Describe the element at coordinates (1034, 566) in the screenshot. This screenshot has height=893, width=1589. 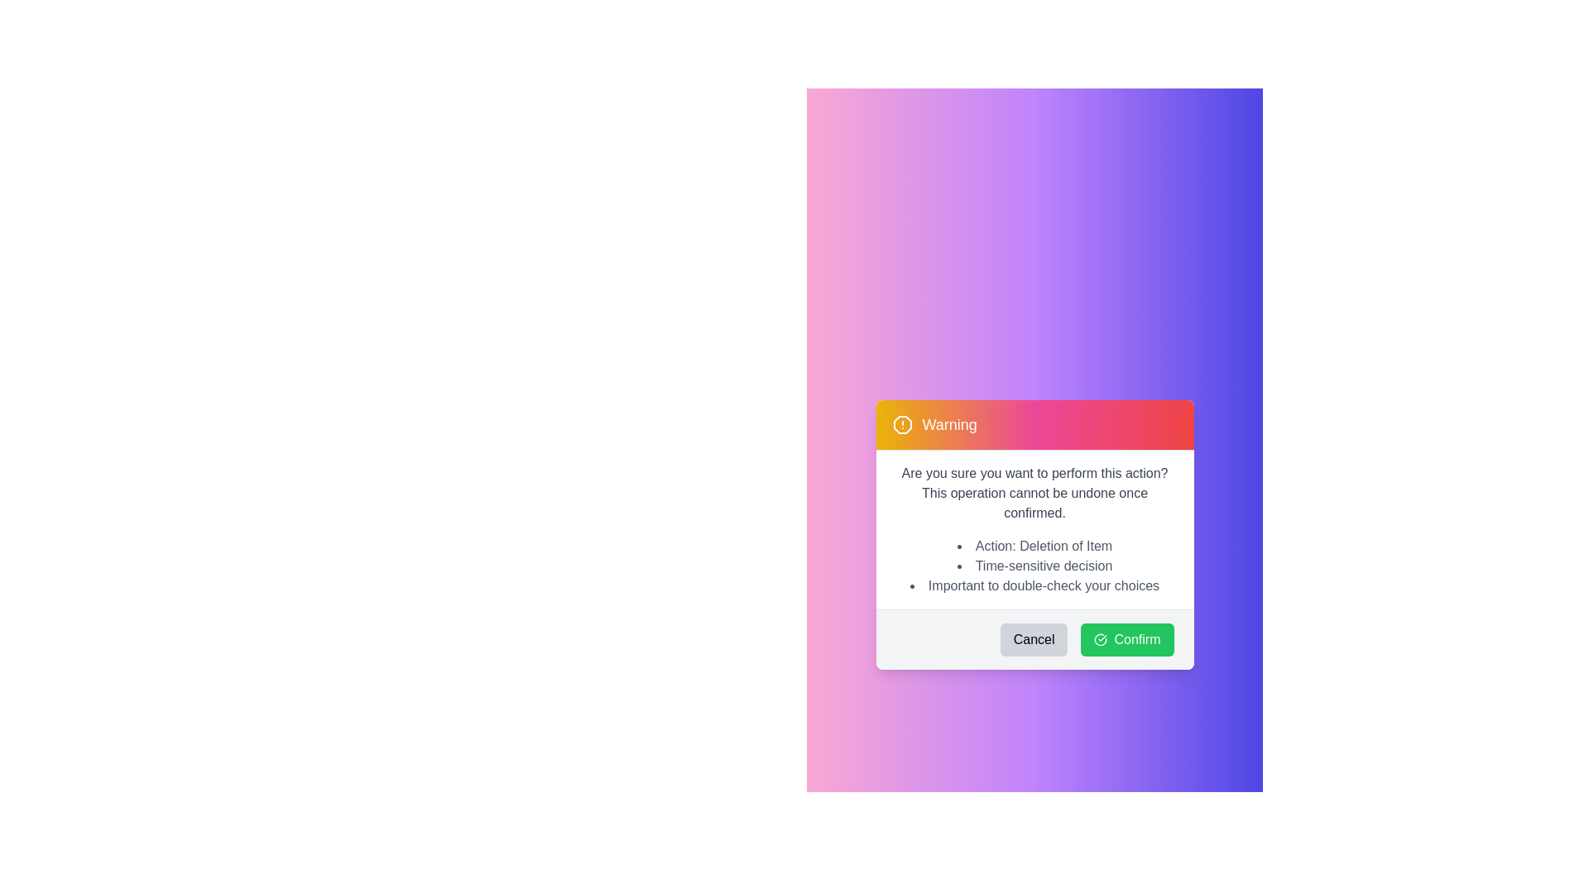
I see `the second static text label in the bulleted list under the warning dialog, which provides contextual information about the urgency of the decision regarding item deletion` at that location.